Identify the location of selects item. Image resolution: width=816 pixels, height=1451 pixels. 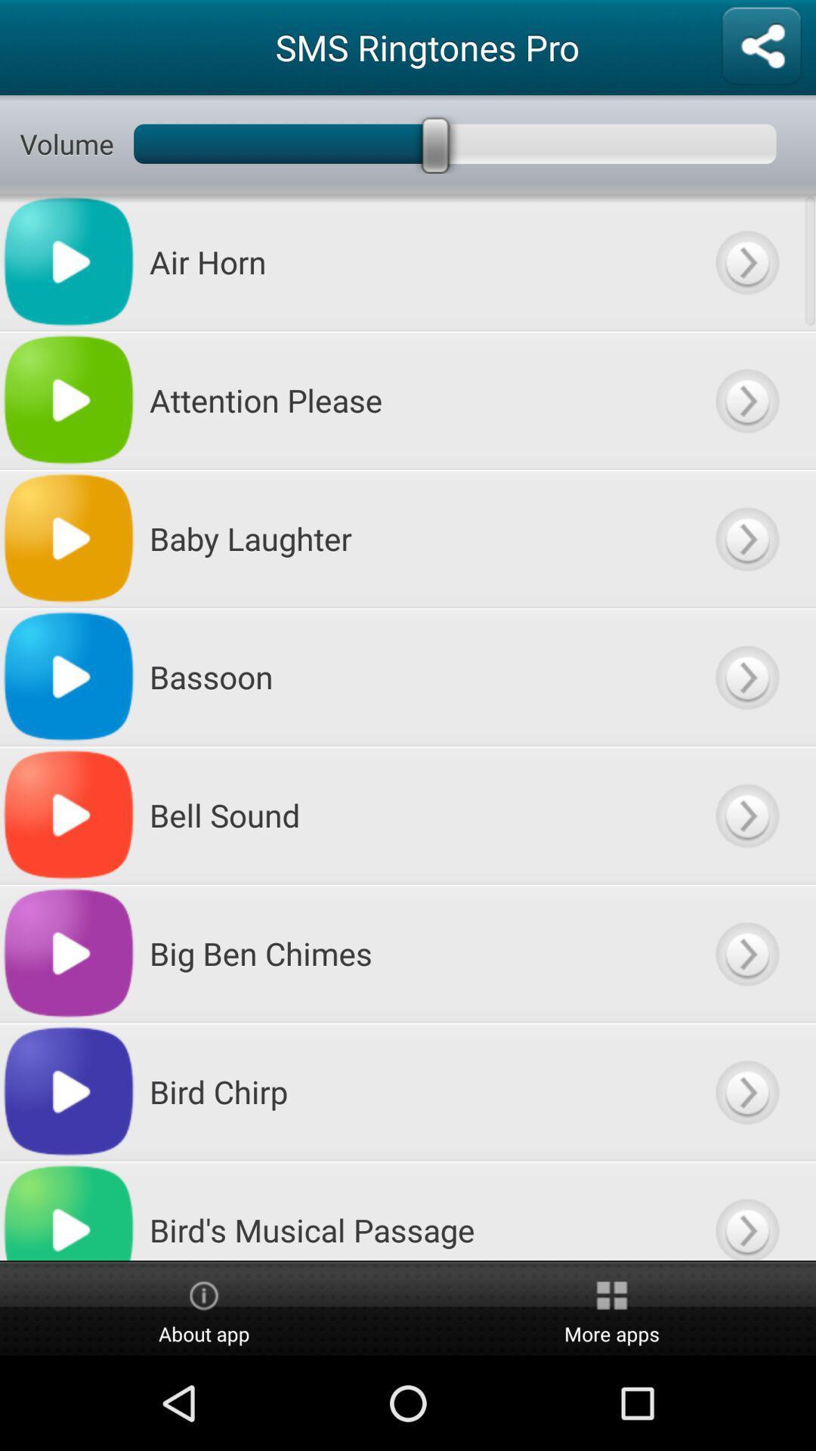
(746, 814).